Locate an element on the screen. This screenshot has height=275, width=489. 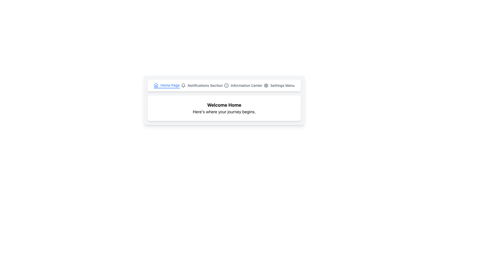
the notifications button in the top navigation bar is located at coordinates (201, 85).